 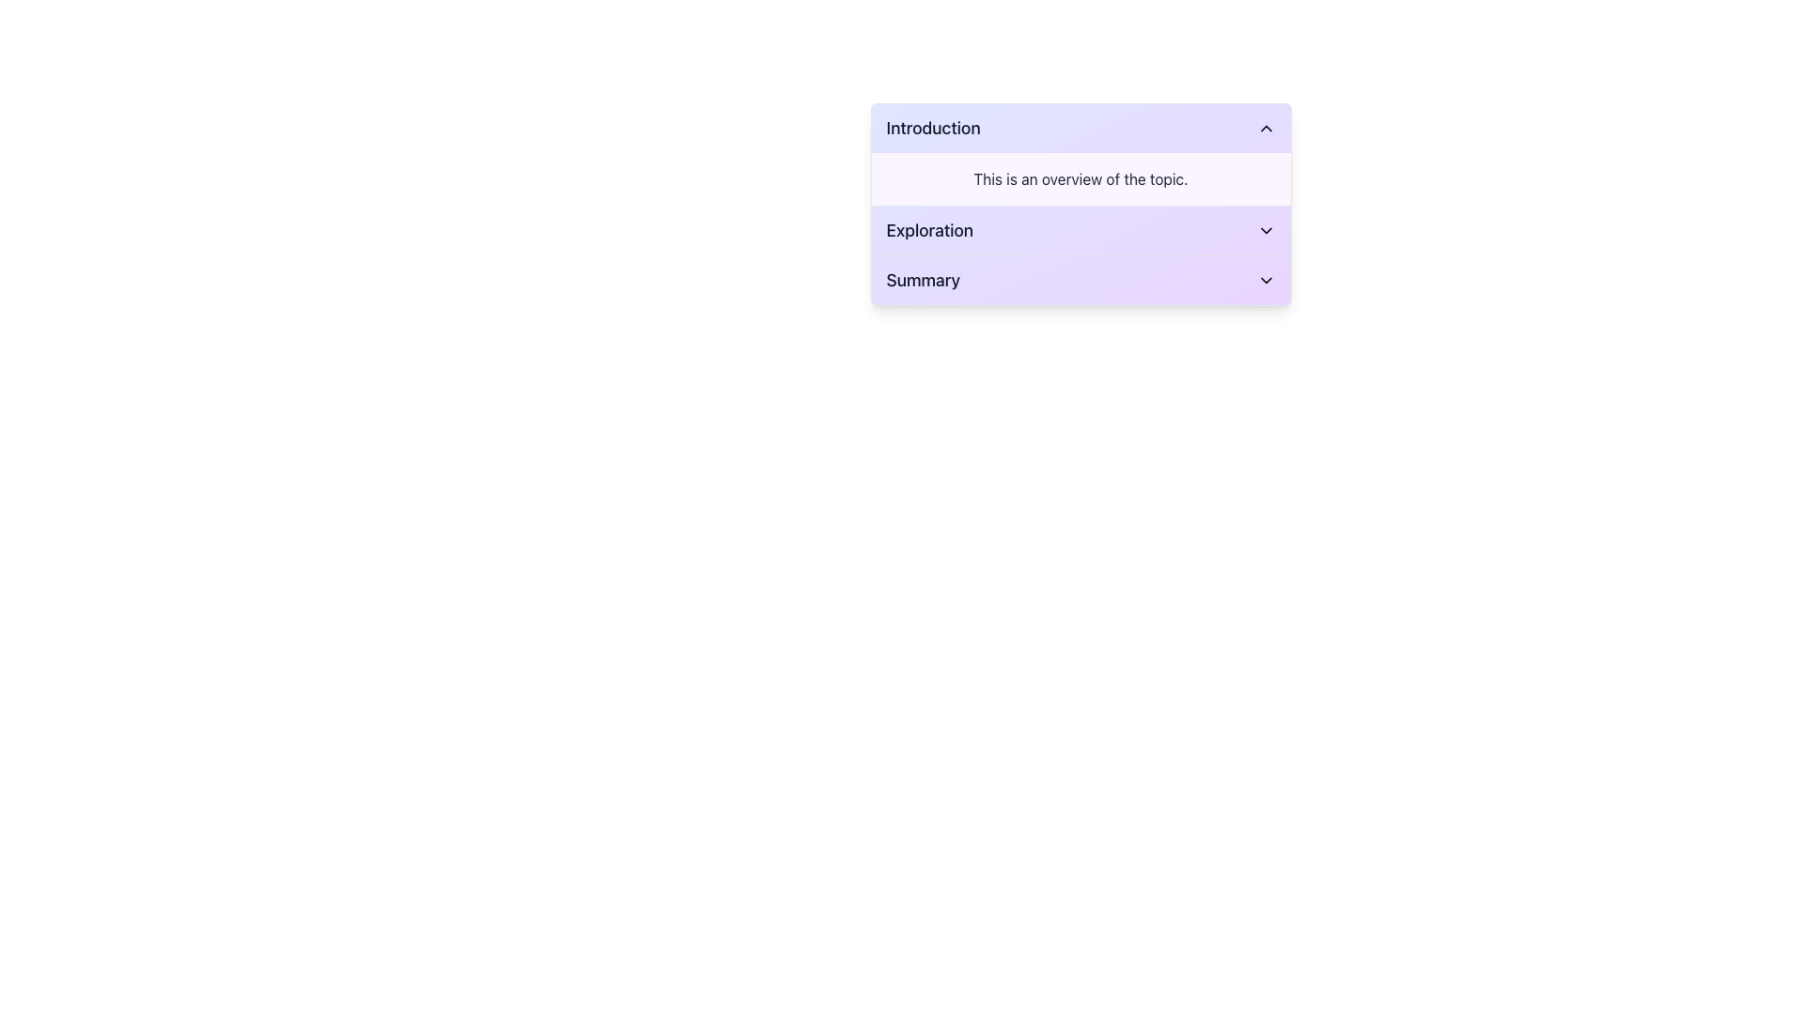 What do you see at coordinates (1266, 281) in the screenshot?
I see `the toggle icon for expanding or collapsing the 'Summary' section for visual feedback` at bounding box center [1266, 281].